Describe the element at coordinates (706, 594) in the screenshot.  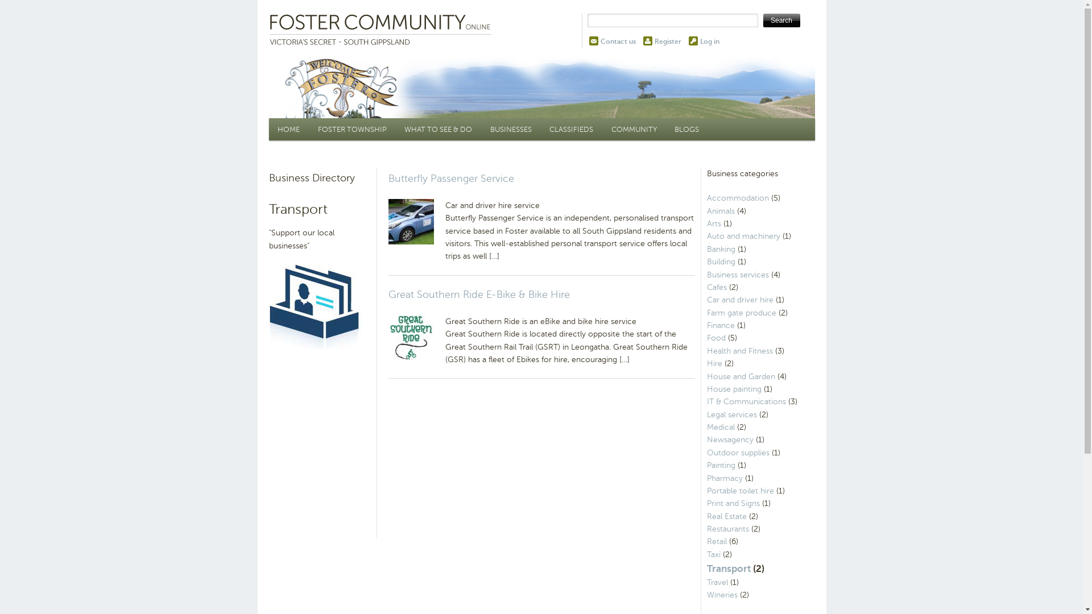
I see `'Wineries'` at that location.